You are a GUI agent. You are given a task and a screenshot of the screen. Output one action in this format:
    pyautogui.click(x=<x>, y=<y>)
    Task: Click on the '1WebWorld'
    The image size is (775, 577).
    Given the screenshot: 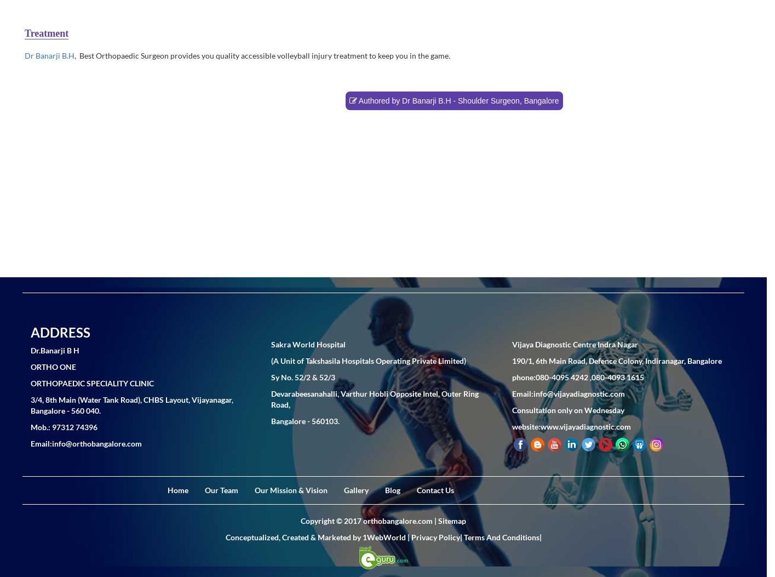 What is the action you would take?
    pyautogui.click(x=383, y=536)
    